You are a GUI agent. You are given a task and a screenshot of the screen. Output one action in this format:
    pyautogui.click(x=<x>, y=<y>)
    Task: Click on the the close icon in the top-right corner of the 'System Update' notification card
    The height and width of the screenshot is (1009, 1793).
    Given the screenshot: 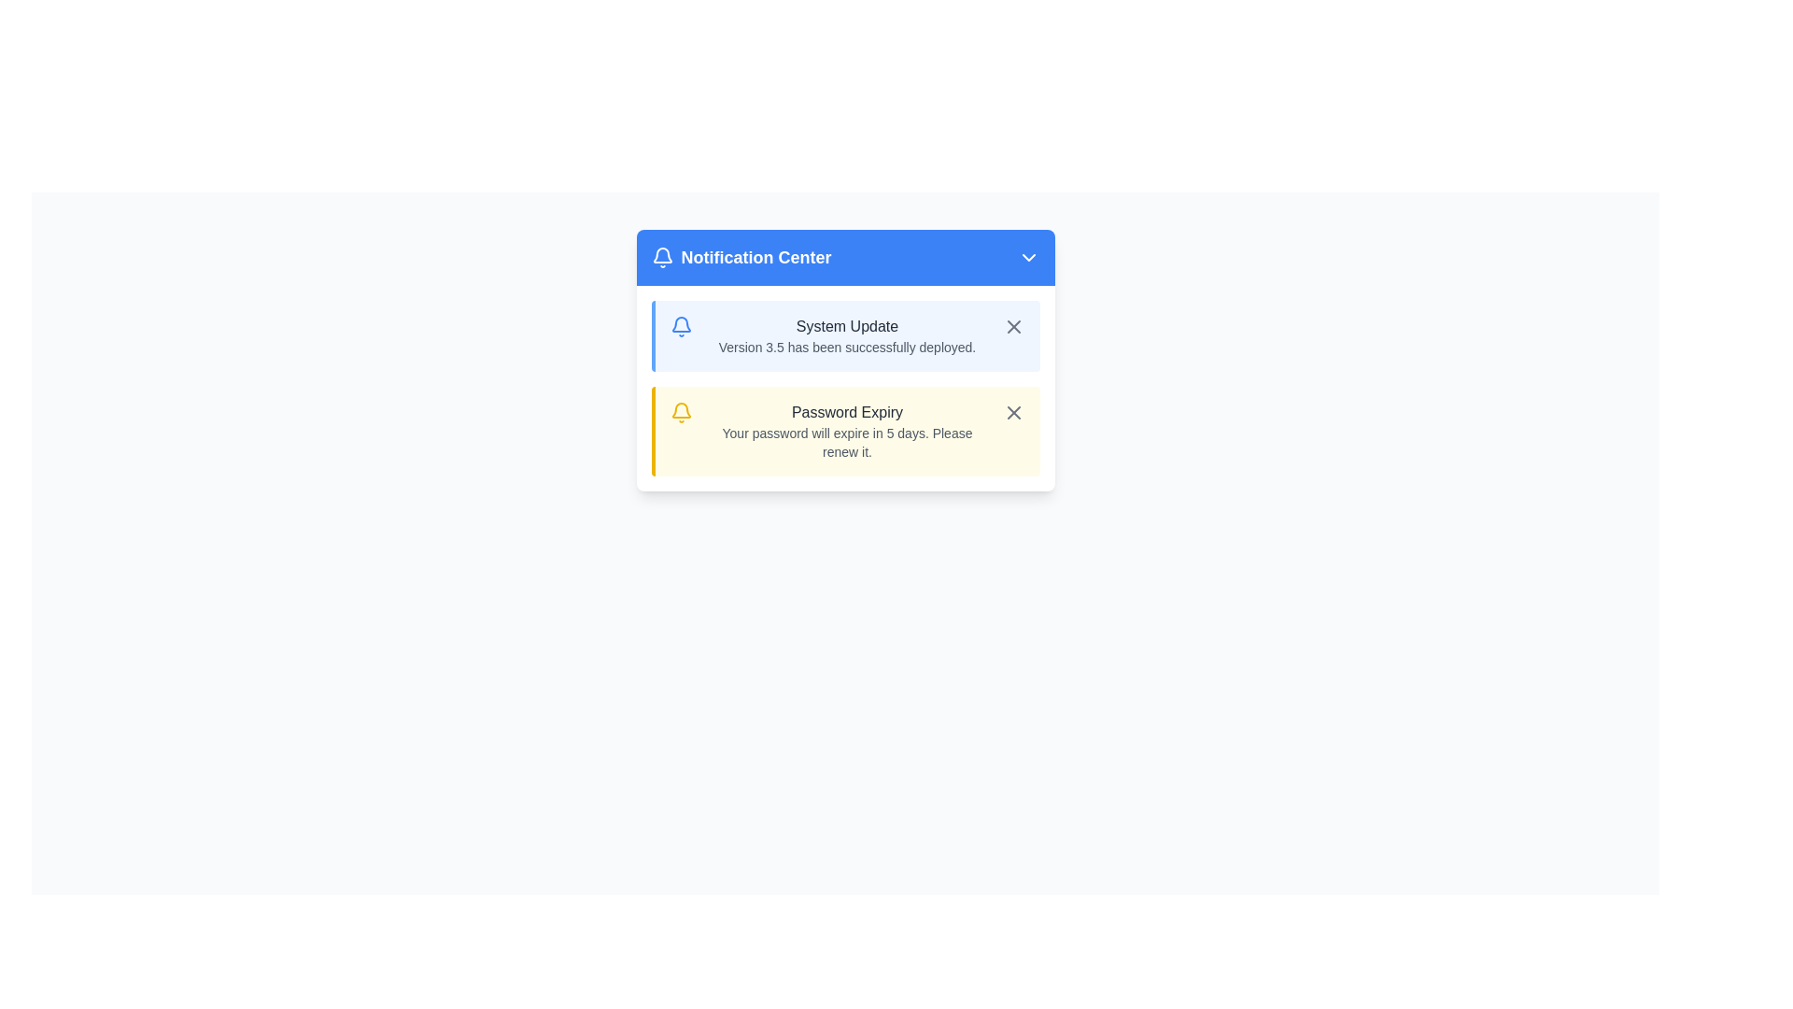 What is the action you would take?
    pyautogui.click(x=1012, y=412)
    